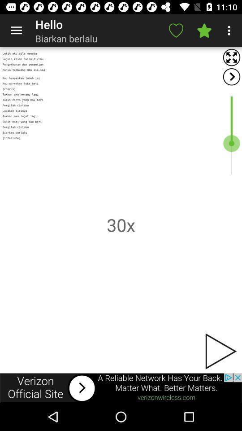 This screenshot has height=431, width=242. I want to click on expand image, so click(231, 57).